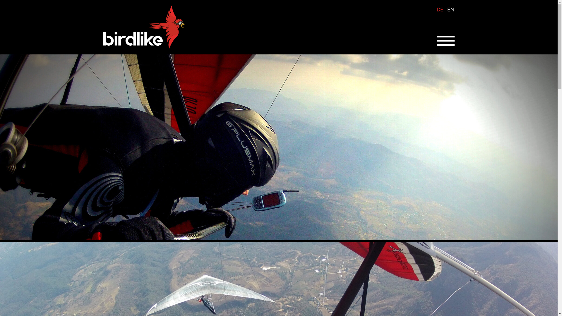  I want to click on 'EN', so click(447, 10).